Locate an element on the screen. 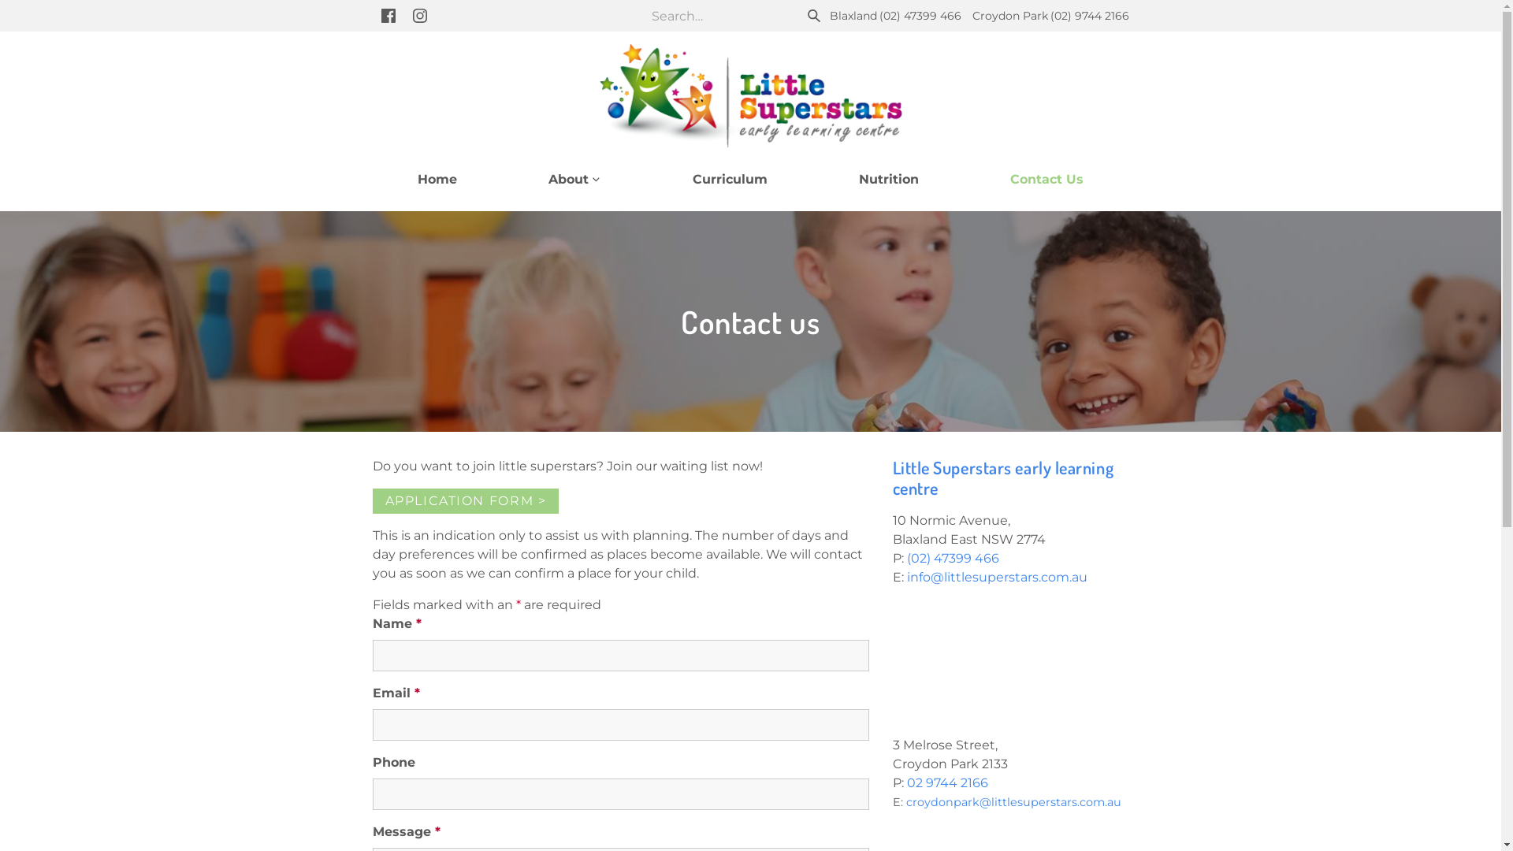 The image size is (1513, 851). 'APPLICATION FORM' is located at coordinates (464, 501).